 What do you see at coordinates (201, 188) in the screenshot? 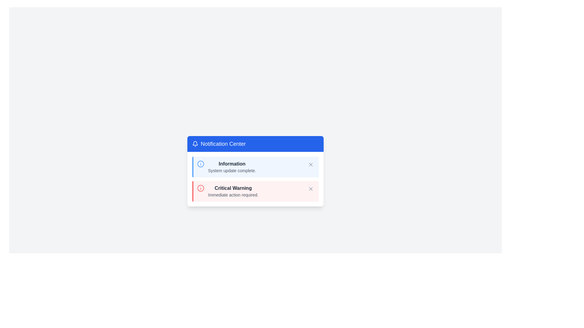
I see `the critical warning icon located in the leftmost section of the notification box, which is above the warning's descriptive text and to the left of the dismiss button` at bounding box center [201, 188].